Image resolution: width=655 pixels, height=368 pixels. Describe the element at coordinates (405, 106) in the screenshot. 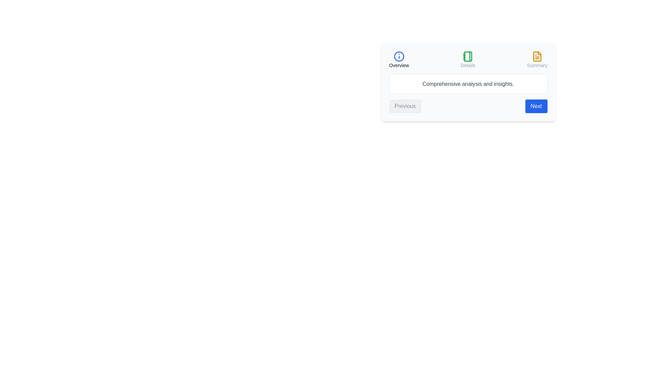

I see `the 'Previous' button to navigate to the previous step` at that location.